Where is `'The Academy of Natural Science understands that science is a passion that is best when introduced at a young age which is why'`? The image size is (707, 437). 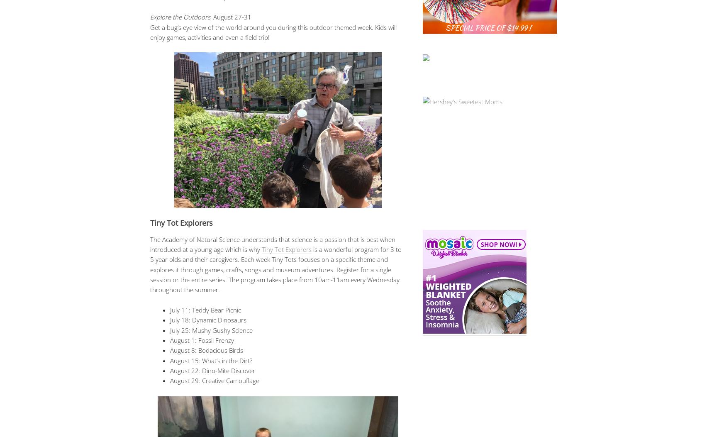
'The Academy of Natural Science understands that science is a passion that is best when introduced at a young age which is why' is located at coordinates (149, 244).